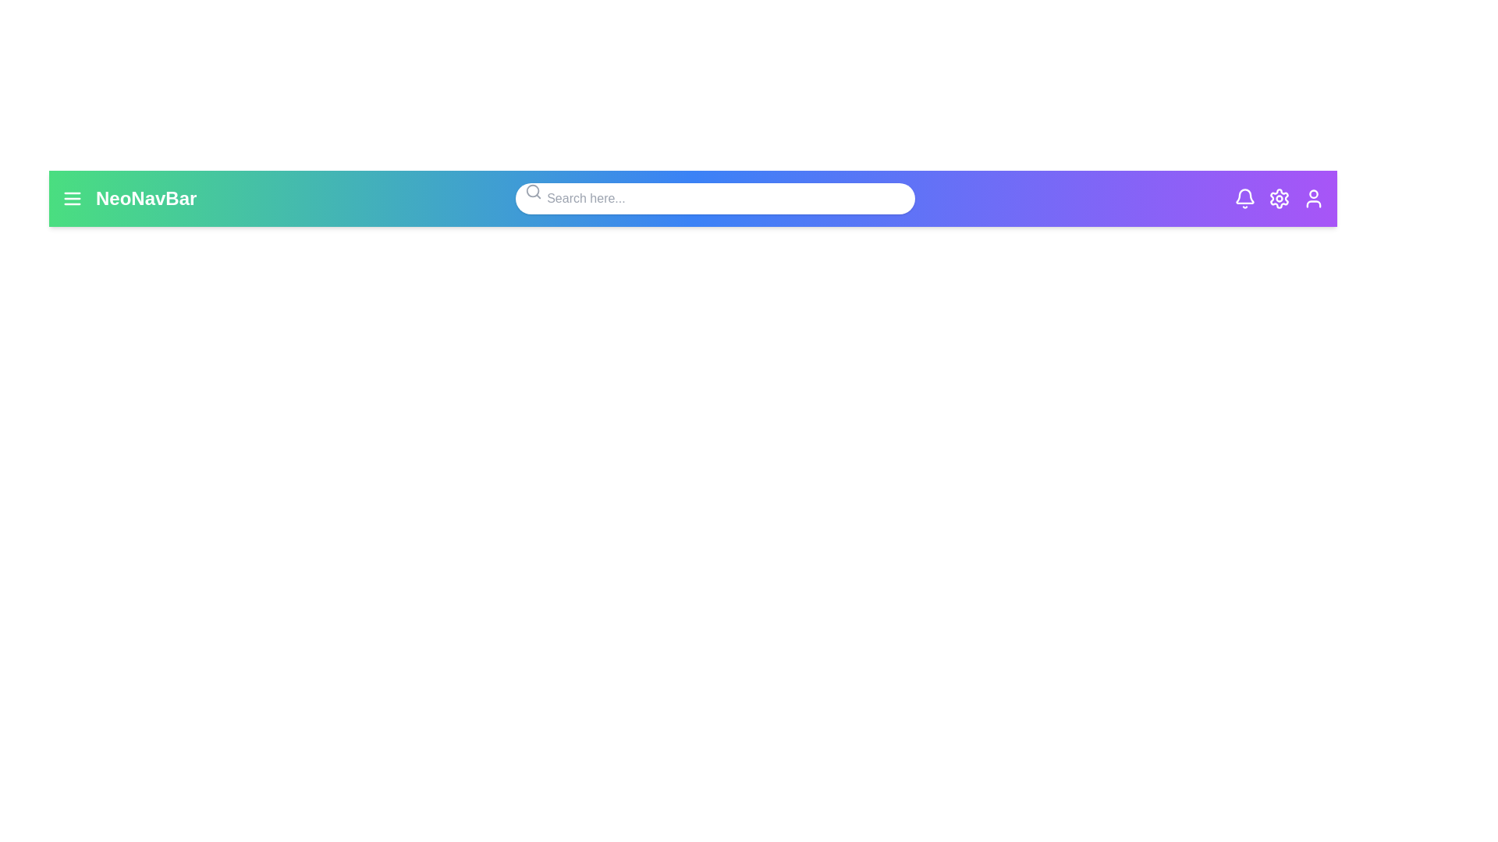 The height and width of the screenshot is (842, 1498). Describe the element at coordinates (1313, 197) in the screenshot. I see `the user icon to observe its hover effect` at that location.